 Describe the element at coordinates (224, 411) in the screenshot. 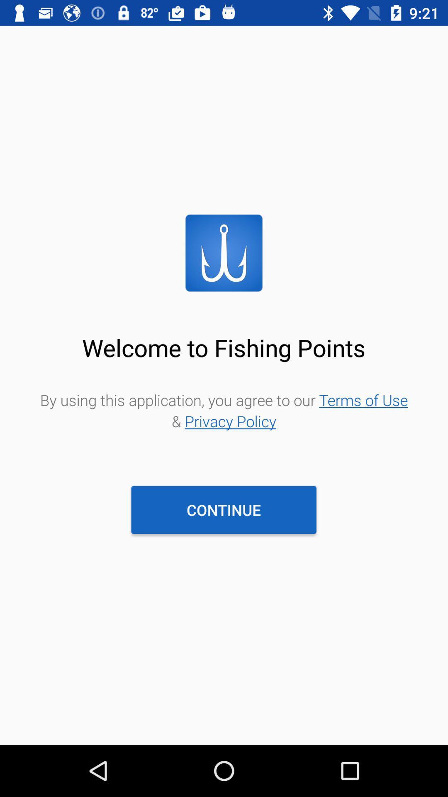

I see `item above the continue item` at that location.